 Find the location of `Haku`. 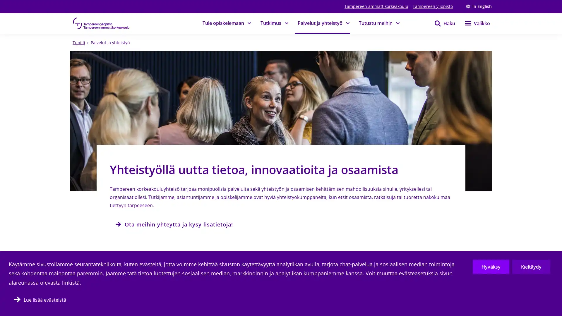

Haku is located at coordinates (444, 23).